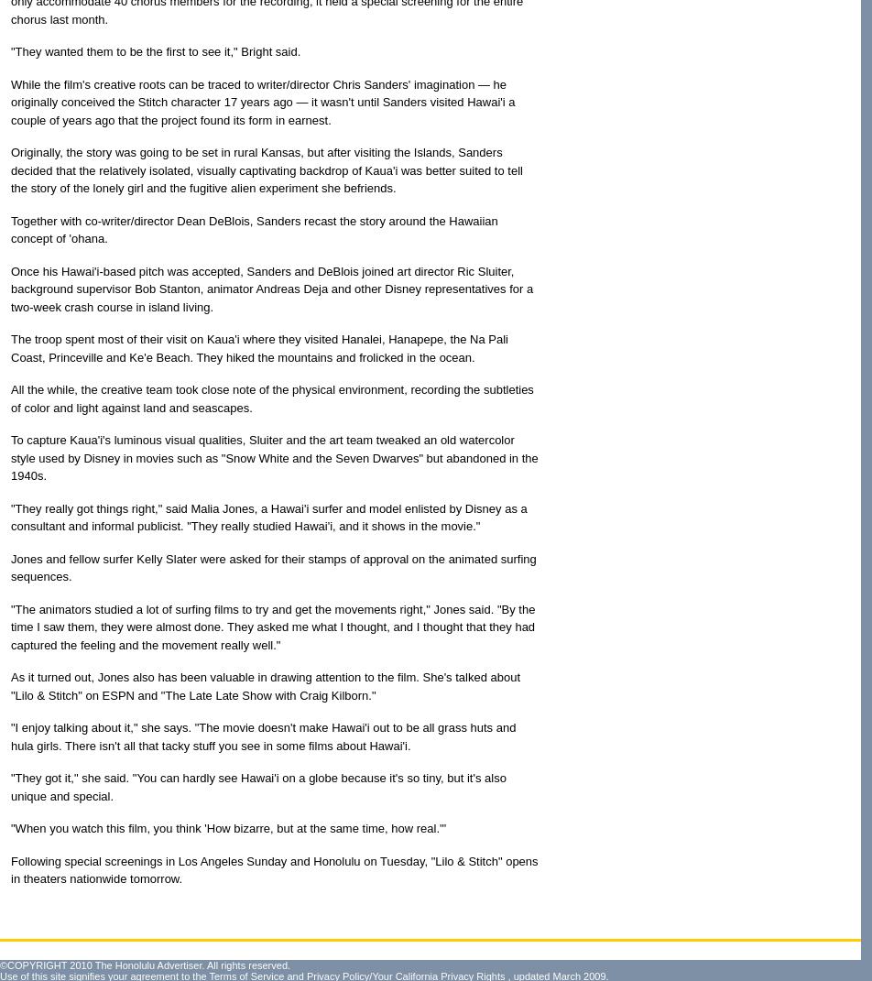 The height and width of the screenshot is (981, 872). I want to click on 'Following special screenings in Los Angeles Sunday and Honolulu on Tuesday, "Lilo & Stitch" opens in theaters nationwide tomorrow.', so click(274, 868).